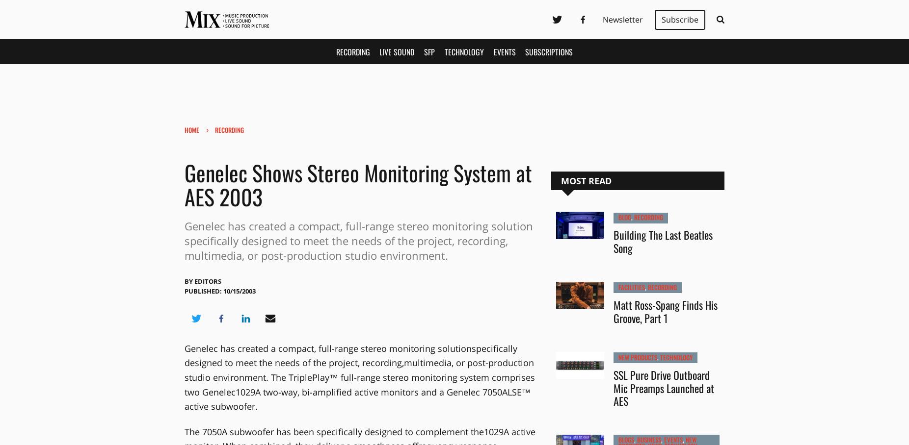 This screenshot has height=445, width=909. I want to click on 'Building The Last Beatles Song', so click(663, 241).